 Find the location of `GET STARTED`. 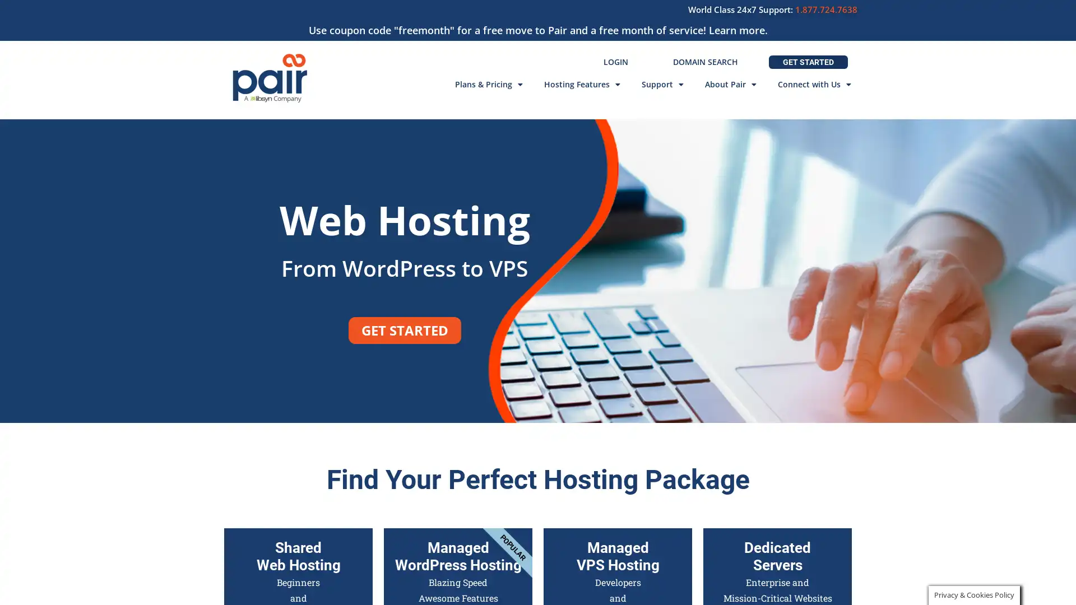

GET STARTED is located at coordinates (808, 62).